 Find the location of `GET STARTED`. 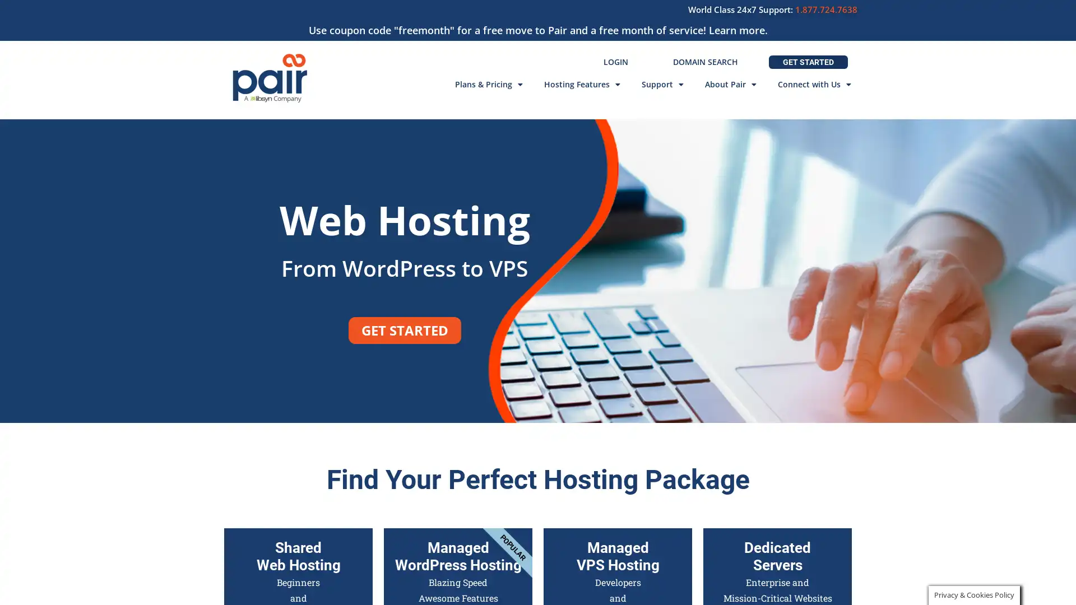

GET STARTED is located at coordinates (808, 62).